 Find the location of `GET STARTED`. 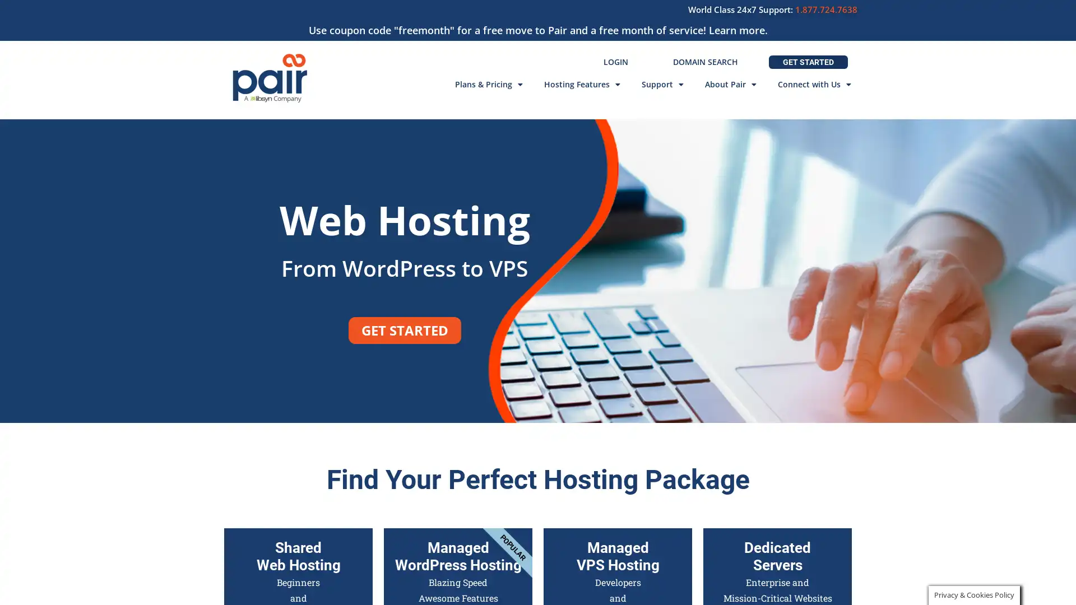

GET STARTED is located at coordinates (808, 62).